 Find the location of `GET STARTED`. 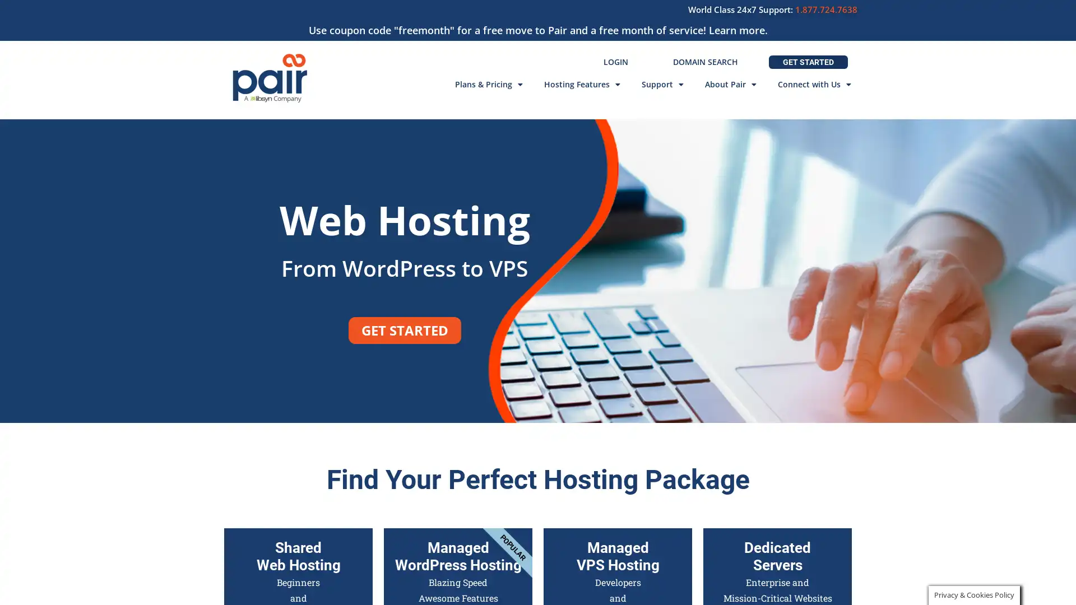

GET STARTED is located at coordinates (808, 62).